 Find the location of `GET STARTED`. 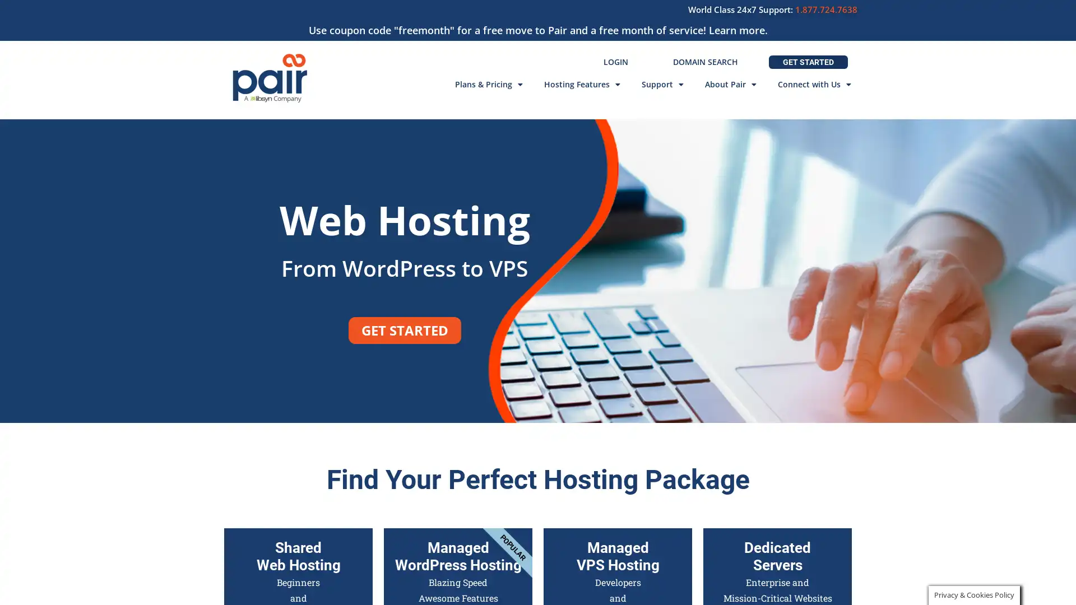

GET STARTED is located at coordinates (808, 62).